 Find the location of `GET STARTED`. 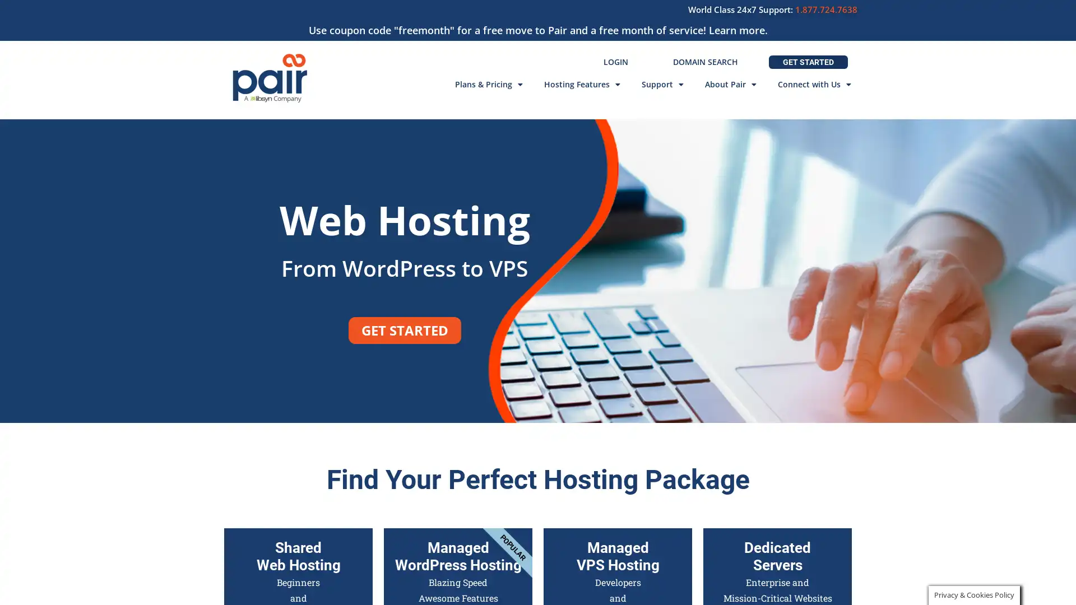

GET STARTED is located at coordinates (808, 62).